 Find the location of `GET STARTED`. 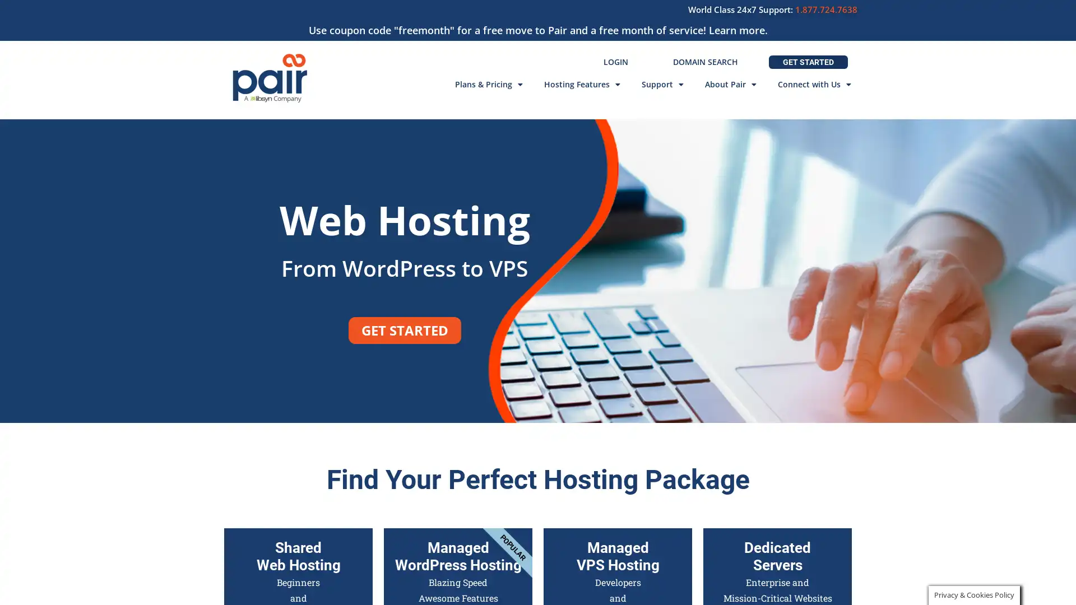

GET STARTED is located at coordinates (808, 62).